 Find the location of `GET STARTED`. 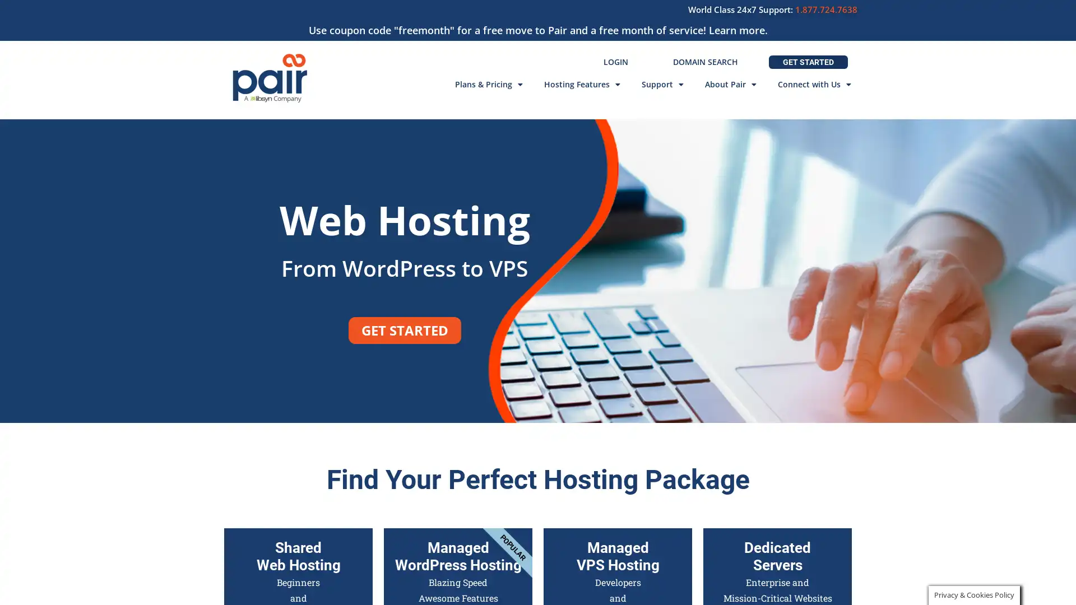

GET STARTED is located at coordinates (808, 62).